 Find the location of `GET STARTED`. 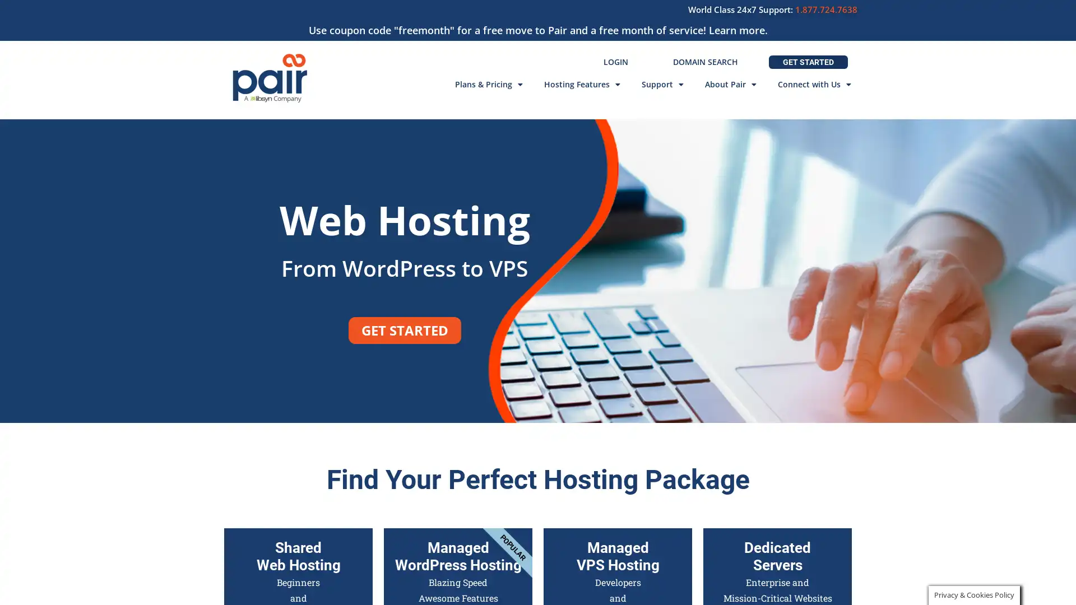

GET STARTED is located at coordinates (808, 62).